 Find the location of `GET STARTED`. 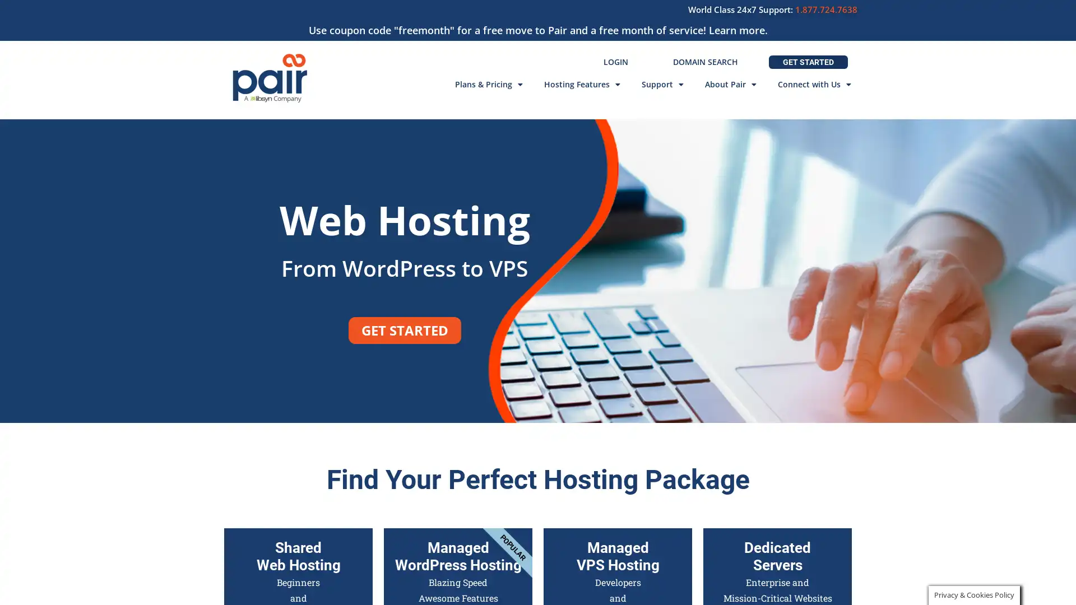

GET STARTED is located at coordinates (808, 62).